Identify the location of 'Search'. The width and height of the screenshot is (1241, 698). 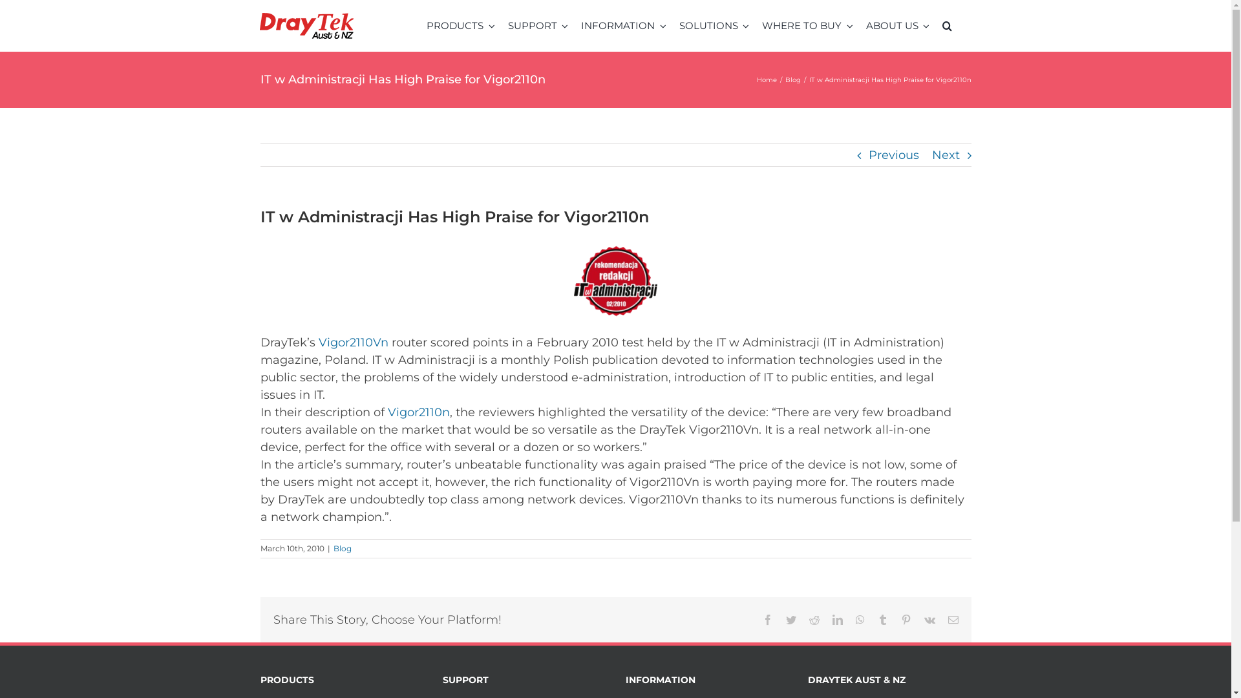
(947, 25).